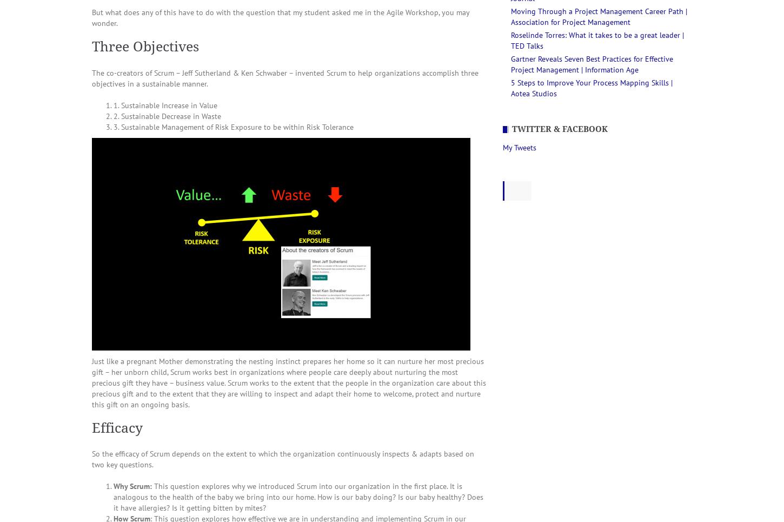 The width and height of the screenshot is (784, 522). I want to click on 'But what does any of this have to do with the question that my student asked me in the Agile Workshop, you may wonder.', so click(280, 17).